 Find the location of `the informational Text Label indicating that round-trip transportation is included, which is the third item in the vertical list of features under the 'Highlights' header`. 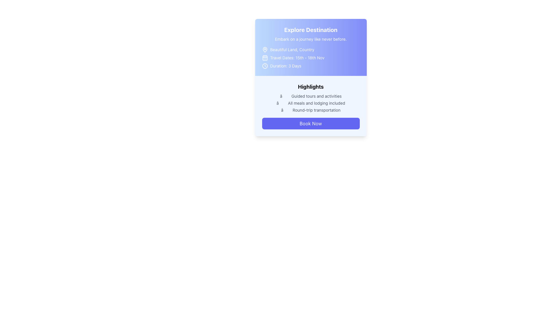

the informational Text Label indicating that round-trip transportation is included, which is the third item in the vertical list of features under the 'Highlights' header is located at coordinates (310, 110).